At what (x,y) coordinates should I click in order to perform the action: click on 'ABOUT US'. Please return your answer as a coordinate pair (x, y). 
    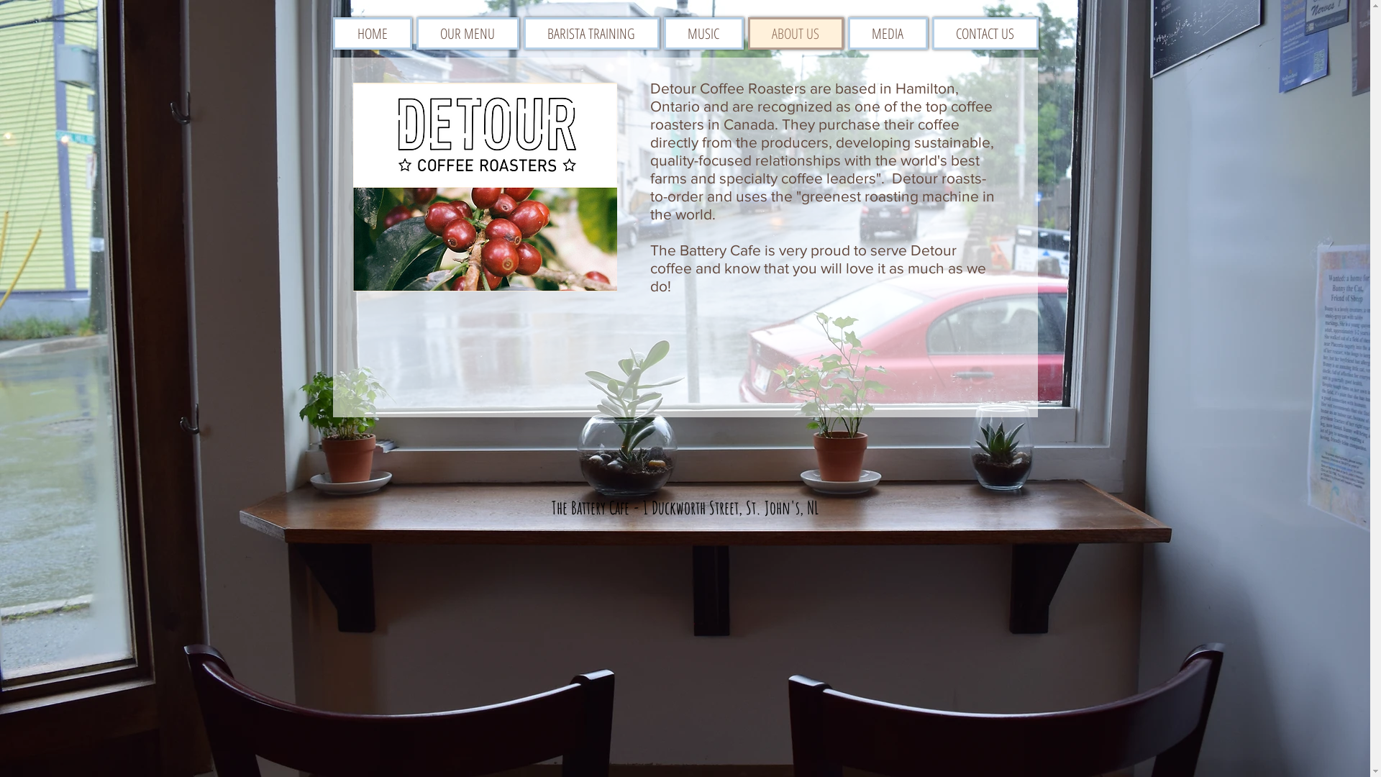
    Looking at the image, I should click on (795, 32).